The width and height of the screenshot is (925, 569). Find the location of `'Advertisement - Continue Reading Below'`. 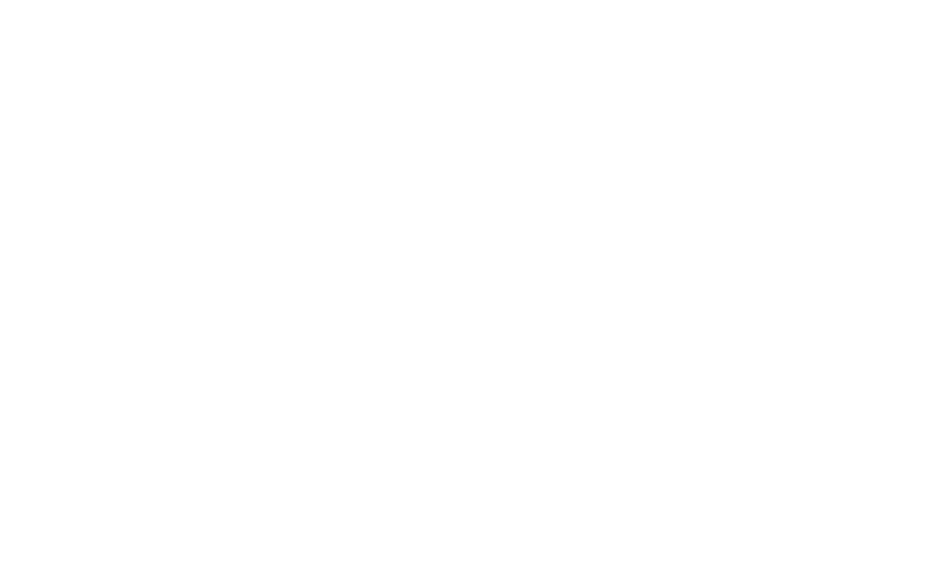

'Advertisement - Continue Reading Below' is located at coordinates (462, 193).